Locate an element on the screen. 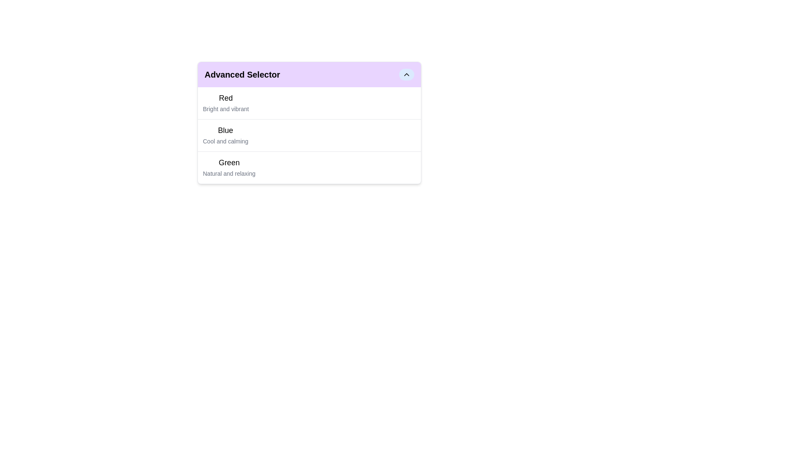  the text block representing the red color option is located at coordinates (226, 103).